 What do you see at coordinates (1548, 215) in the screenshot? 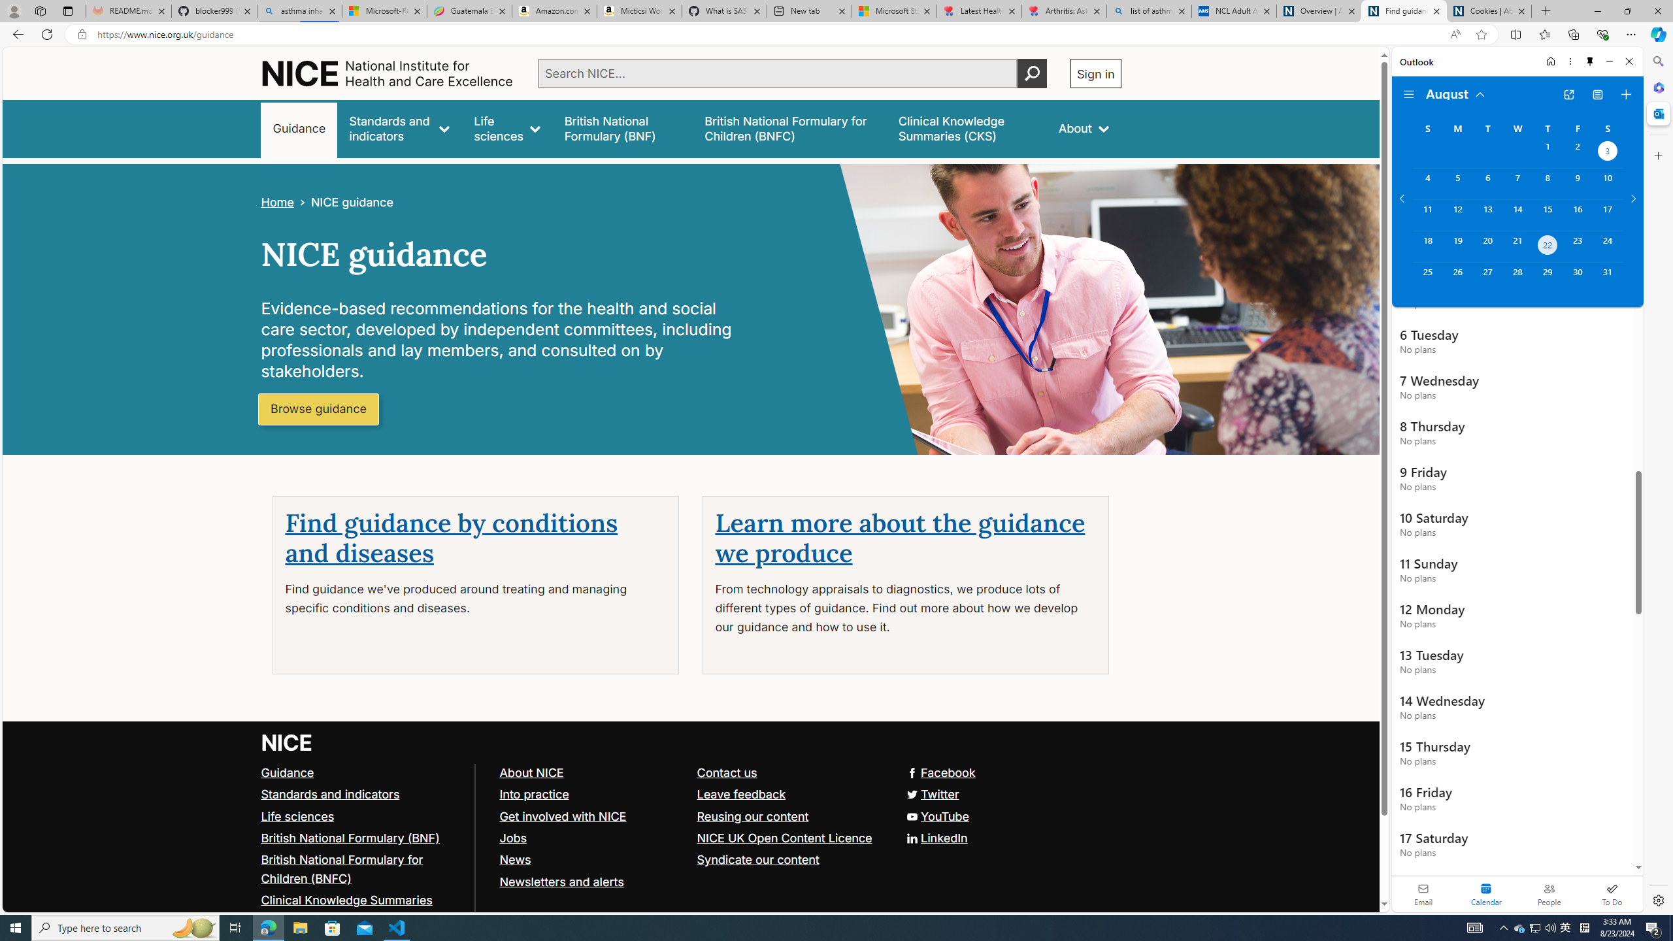
I see `'Thursday, August 15, 2024. '` at bounding box center [1548, 215].